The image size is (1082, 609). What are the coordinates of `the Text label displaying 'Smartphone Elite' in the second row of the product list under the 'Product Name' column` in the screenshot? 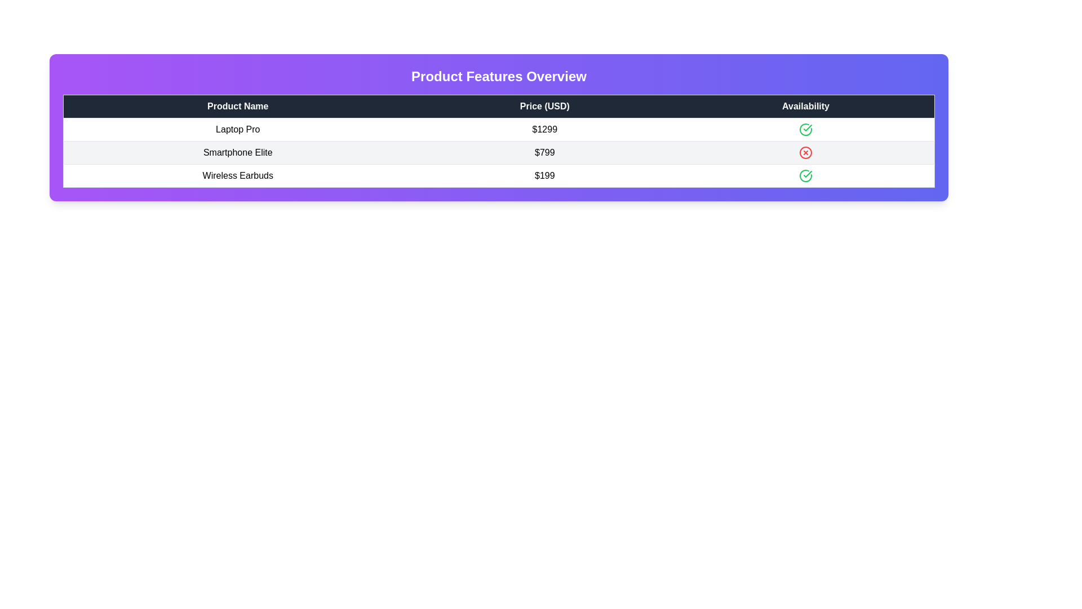 It's located at (237, 152).